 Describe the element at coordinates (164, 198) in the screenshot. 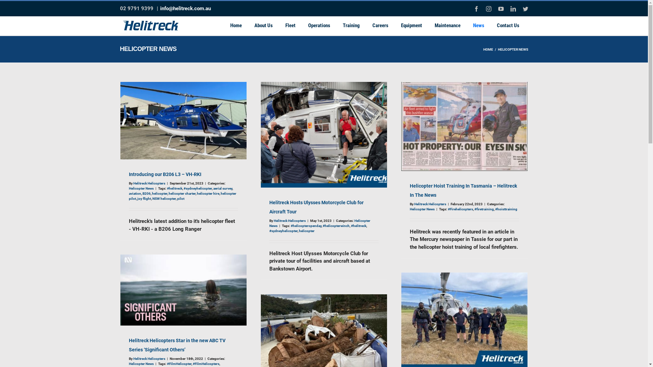

I see `'NSW helicopter'` at that location.